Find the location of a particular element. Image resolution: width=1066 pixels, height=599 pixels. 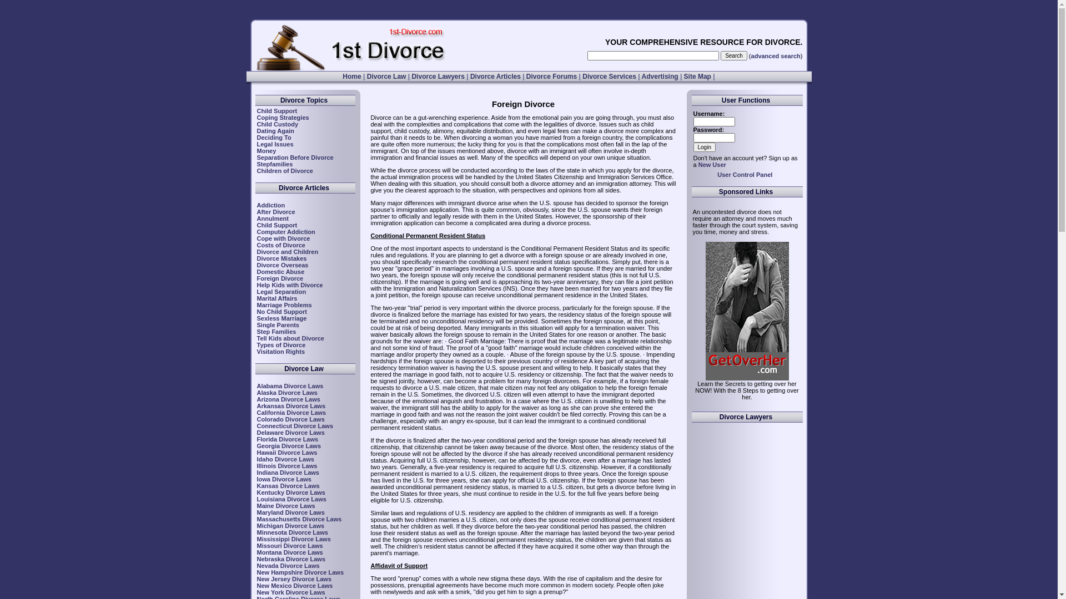

'Annulment' is located at coordinates (272, 218).